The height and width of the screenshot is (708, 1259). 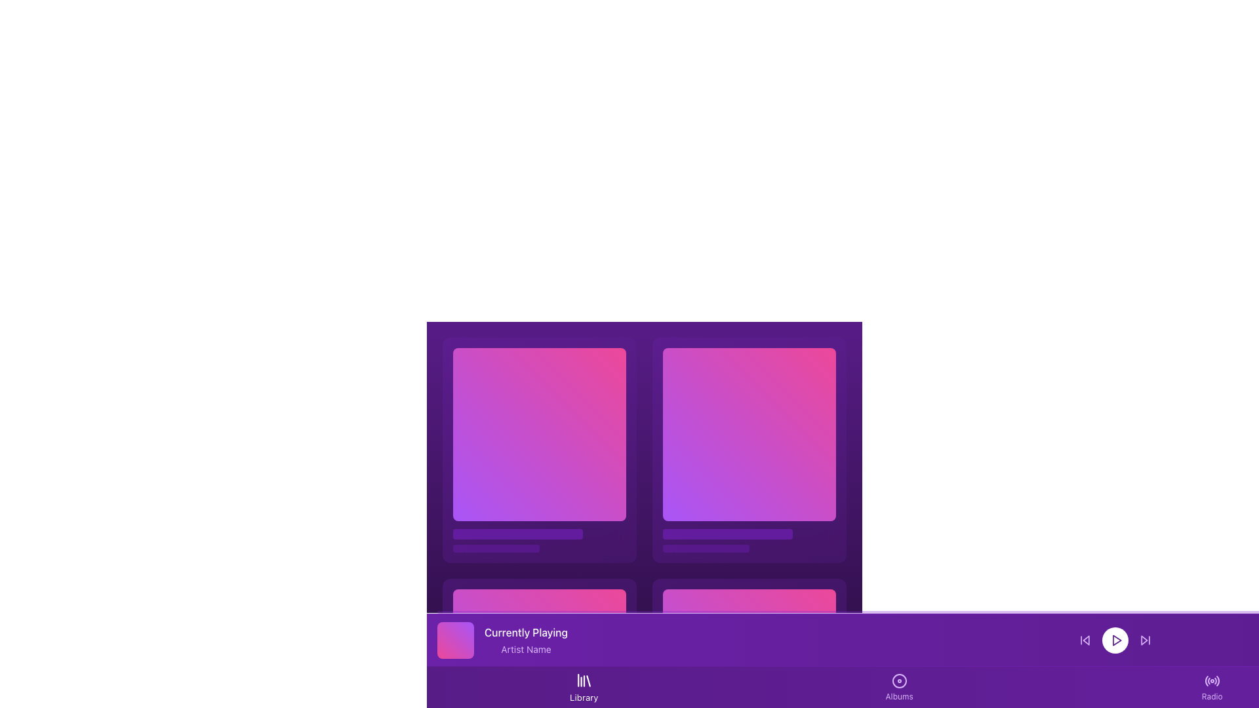 What do you see at coordinates (727, 534) in the screenshot?
I see `the first progress bar or decorative bar located at the bottom of the top-right content section` at bounding box center [727, 534].